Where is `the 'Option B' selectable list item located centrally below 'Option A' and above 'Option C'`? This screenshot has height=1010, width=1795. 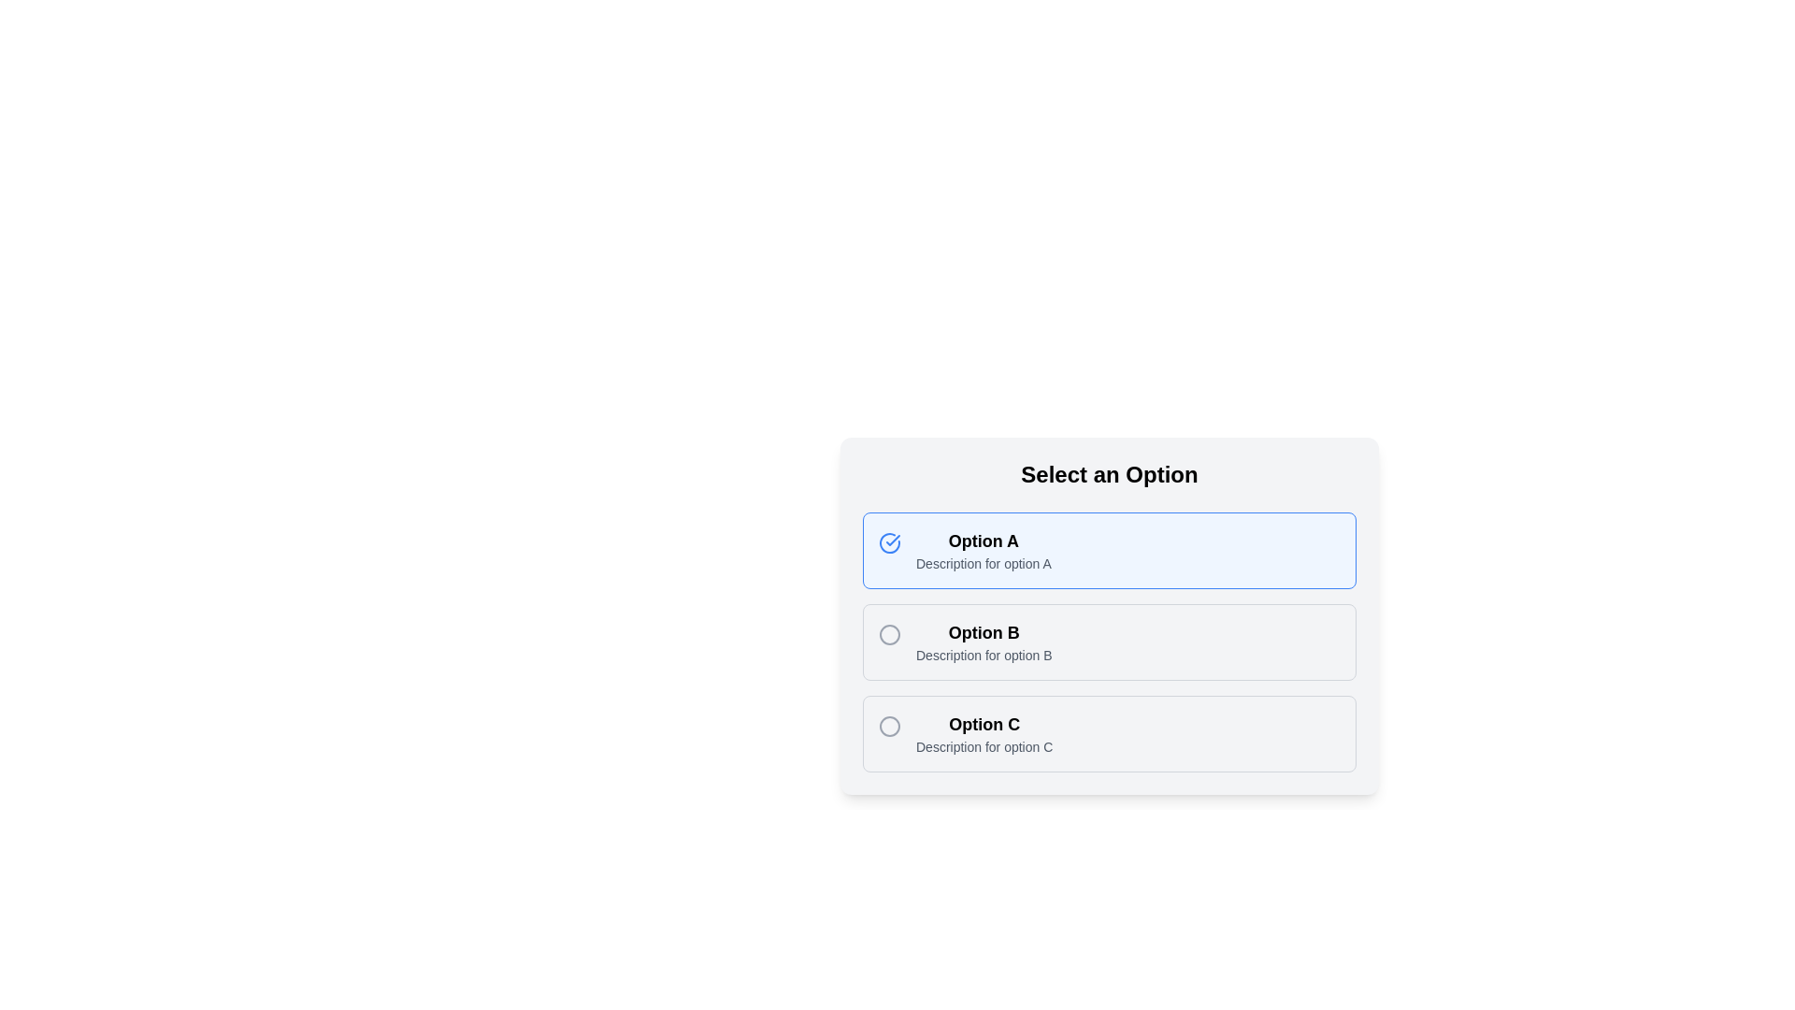
the 'Option B' selectable list item located centrally below 'Option A' and above 'Option C' is located at coordinates (1109, 616).